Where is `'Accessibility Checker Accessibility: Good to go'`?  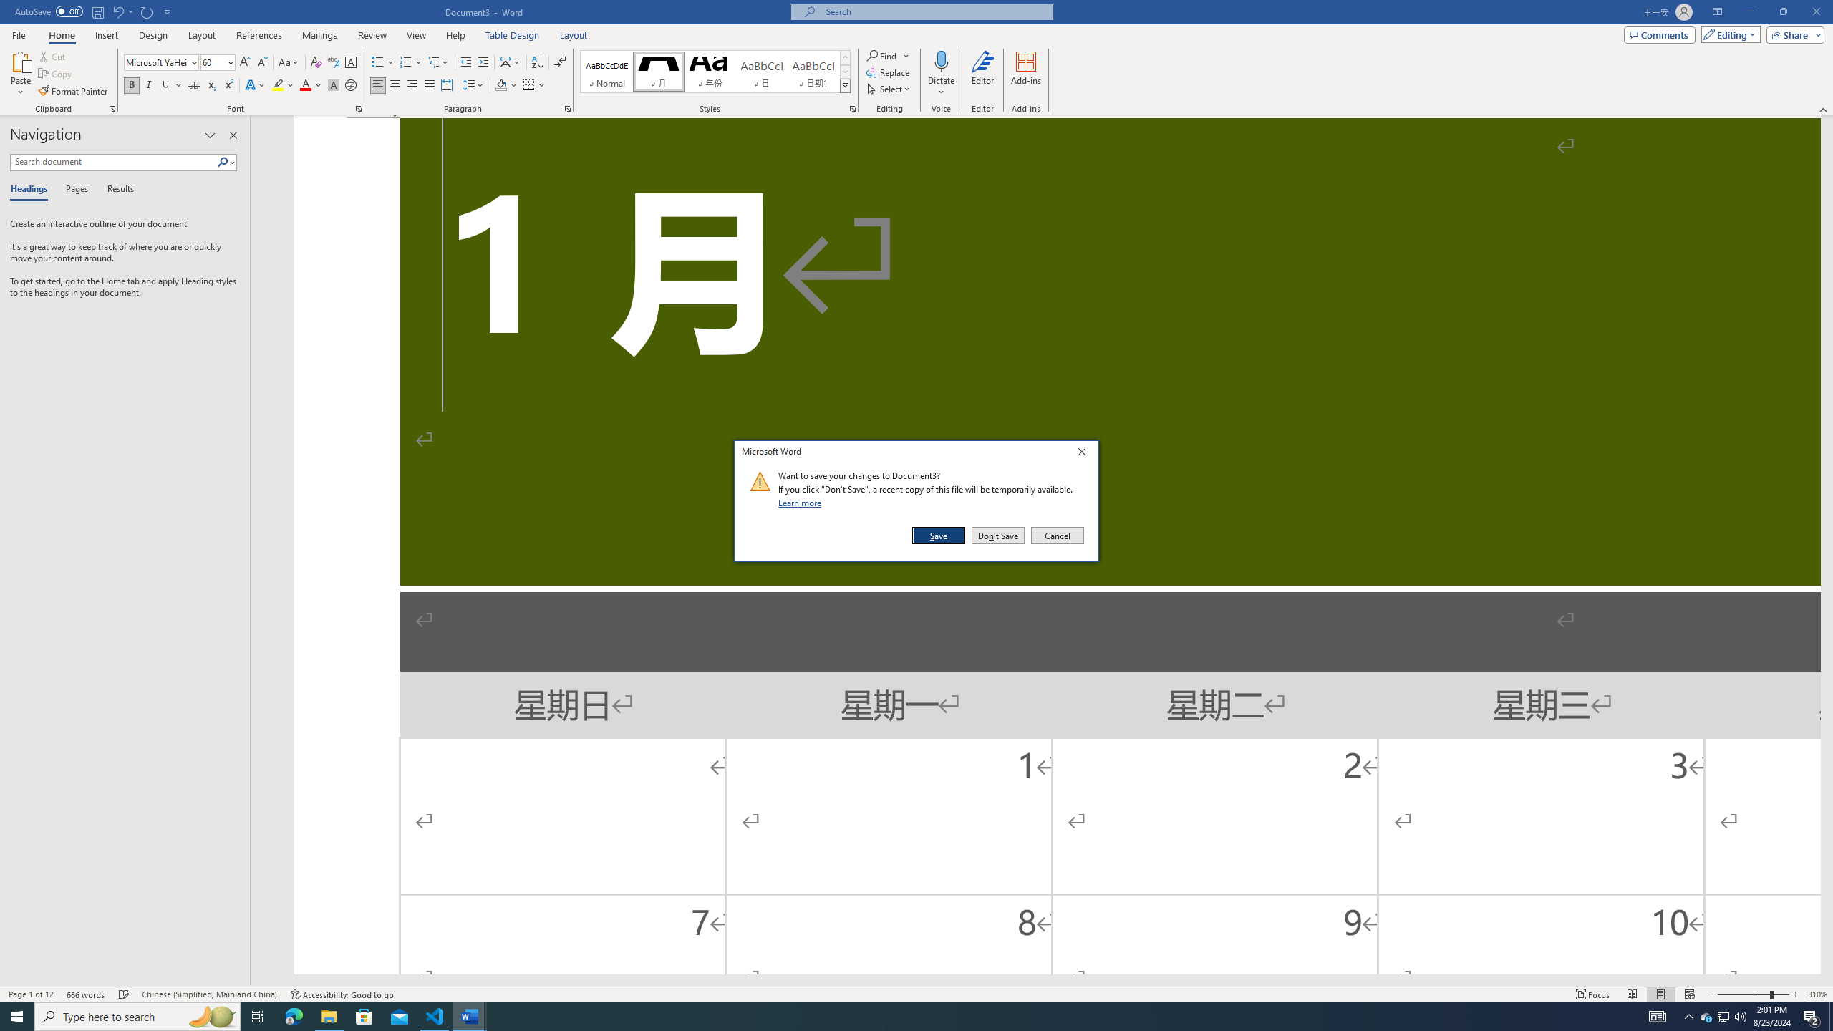 'Accessibility Checker Accessibility: Good to go' is located at coordinates (341, 994).